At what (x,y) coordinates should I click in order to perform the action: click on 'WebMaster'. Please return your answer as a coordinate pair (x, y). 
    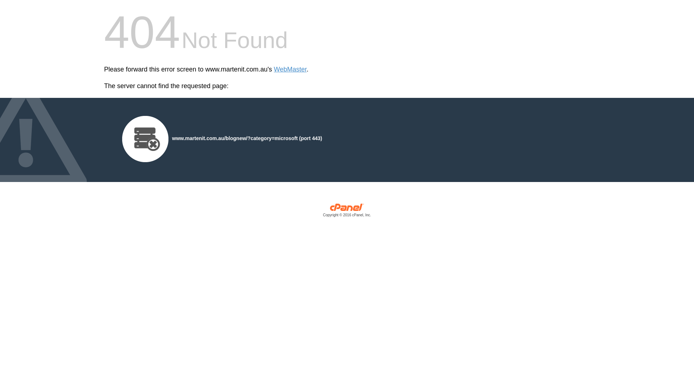
    Looking at the image, I should click on (290, 69).